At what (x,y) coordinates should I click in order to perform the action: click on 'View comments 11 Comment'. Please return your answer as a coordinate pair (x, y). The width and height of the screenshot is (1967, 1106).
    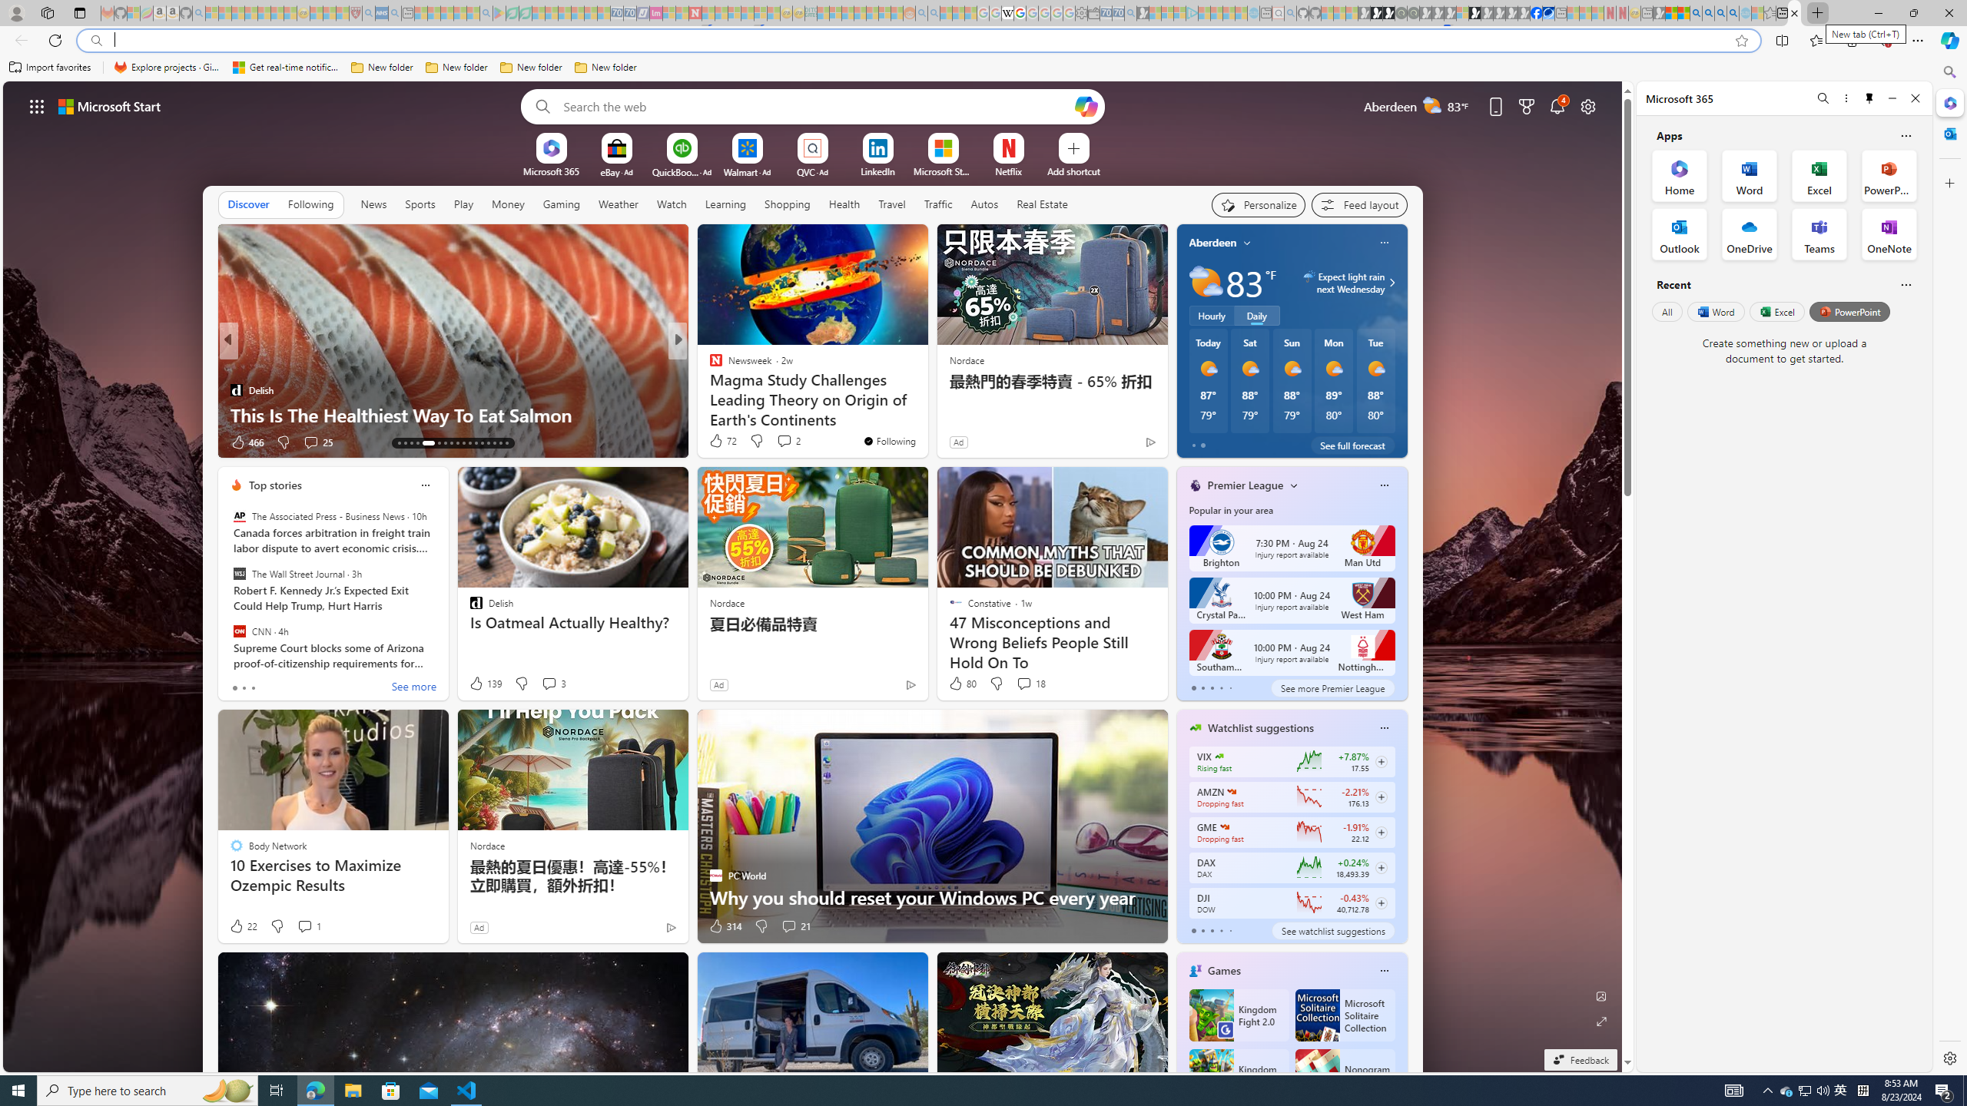
    Looking at the image, I should click on (784, 441).